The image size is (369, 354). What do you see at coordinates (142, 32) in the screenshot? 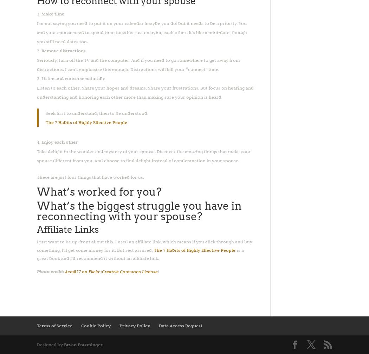
I see `'I’m not saying you need to put it on your calendar (maybe you do) but it needs to be a priority. You and your spouse need to spend time together just enjoying each other. It’s like a mini-date, though you still need dates too.'` at bounding box center [142, 32].